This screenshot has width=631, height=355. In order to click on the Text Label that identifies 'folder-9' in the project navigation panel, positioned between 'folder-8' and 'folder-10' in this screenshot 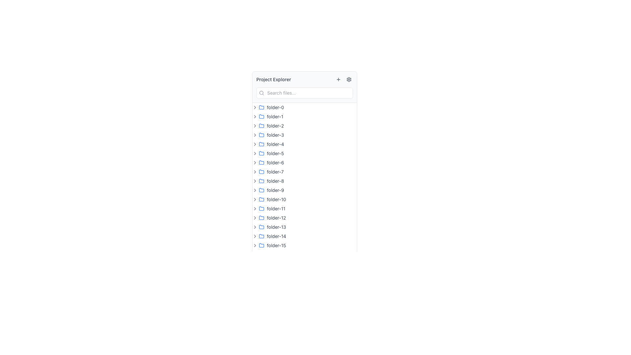, I will do `click(275, 190)`.